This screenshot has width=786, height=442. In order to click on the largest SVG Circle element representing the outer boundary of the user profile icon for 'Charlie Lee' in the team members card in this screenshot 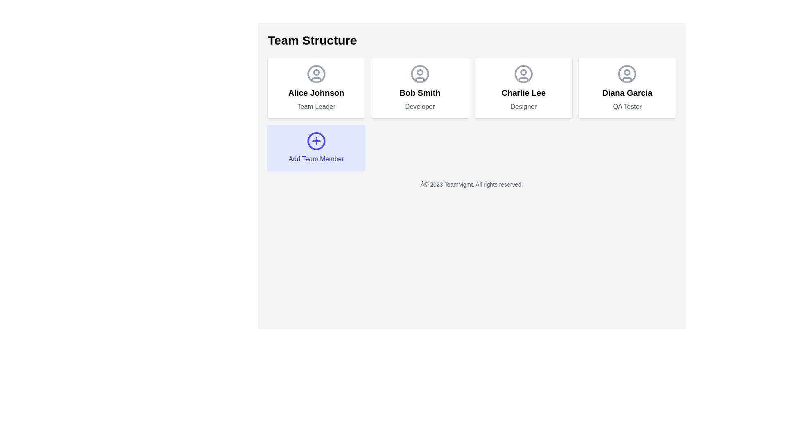, I will do `click(523, 74)`.